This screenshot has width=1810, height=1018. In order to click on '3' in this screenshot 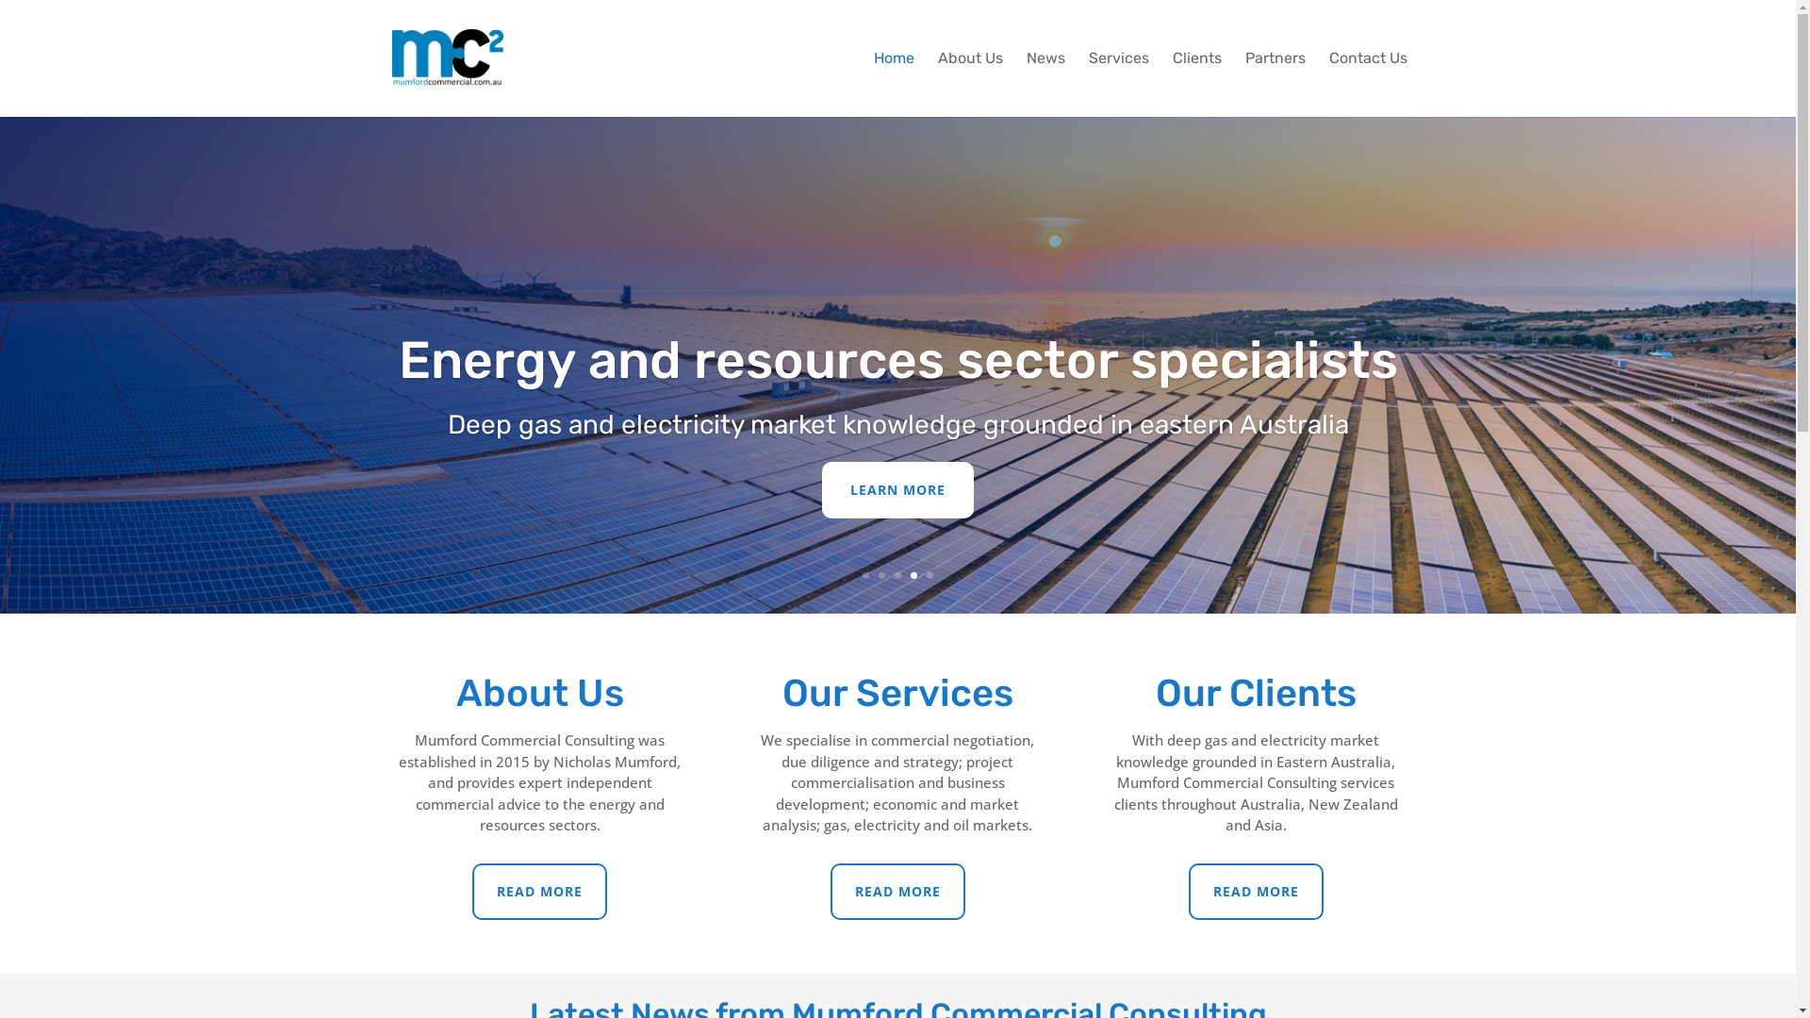, I will do `click(894, 574)`.